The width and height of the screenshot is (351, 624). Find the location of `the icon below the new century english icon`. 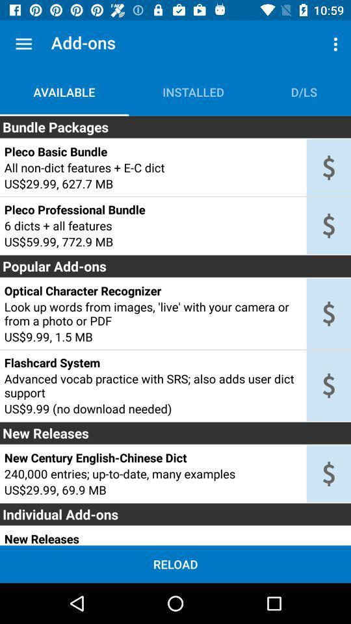

the icon below the new century english icon is located at coordinates (152, 473).